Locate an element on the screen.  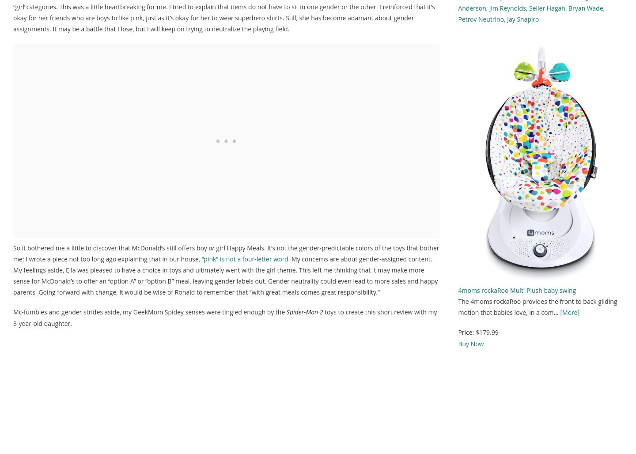
'girl Happy Meals. It’s not the gender-predictable colors of the toys that bother me; I wrote a piece not too long ago explaining that in our house,' is located at coordinates (226, 253).